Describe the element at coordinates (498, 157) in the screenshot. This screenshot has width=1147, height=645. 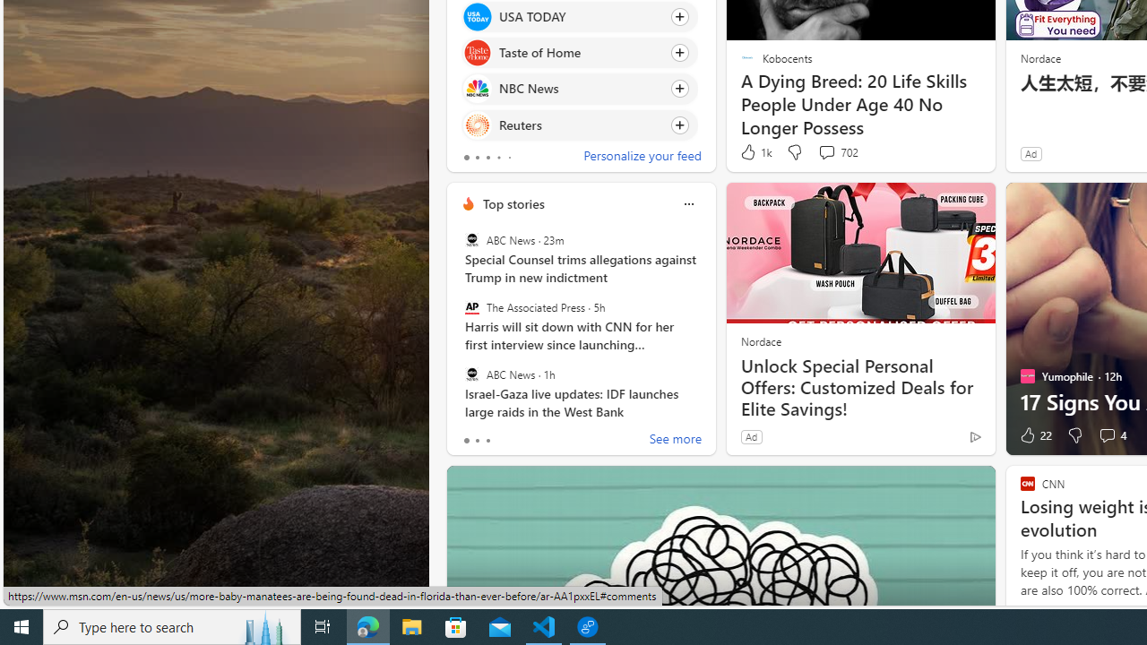
I see `'tab-3'` at that location.